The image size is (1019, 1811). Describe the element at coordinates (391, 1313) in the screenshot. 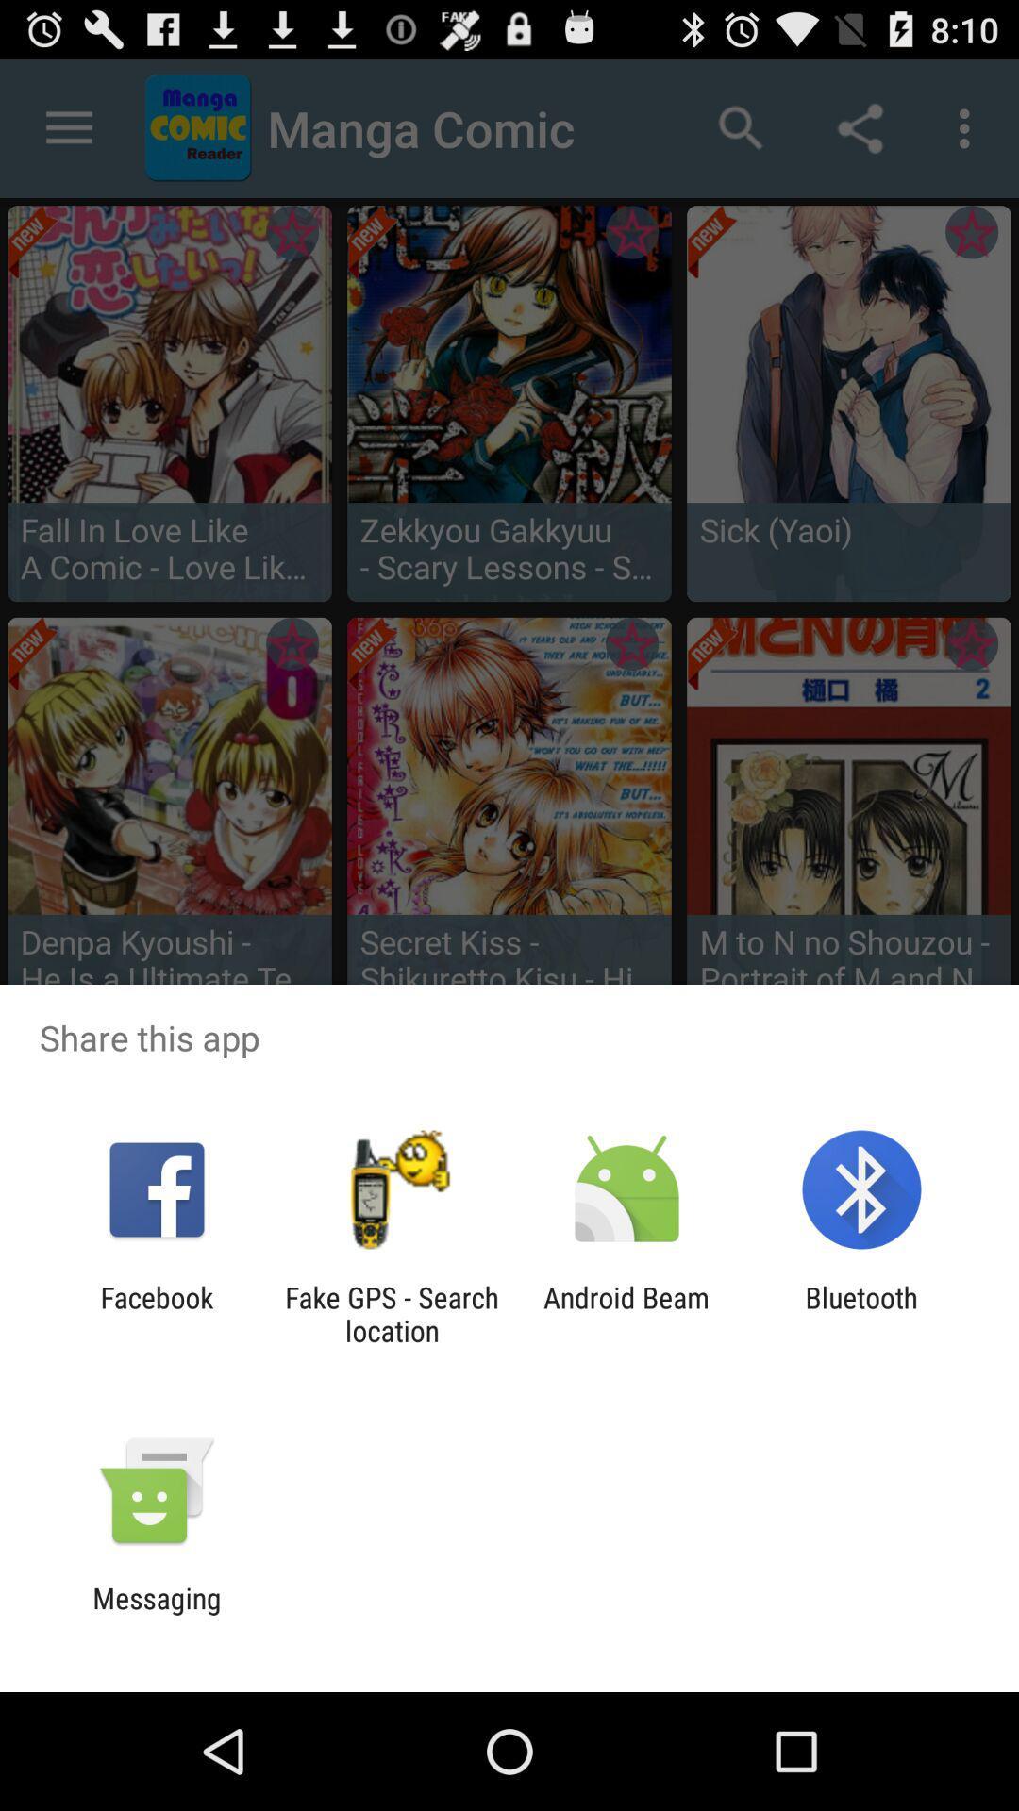

I see `app next to android beam app` at that location.